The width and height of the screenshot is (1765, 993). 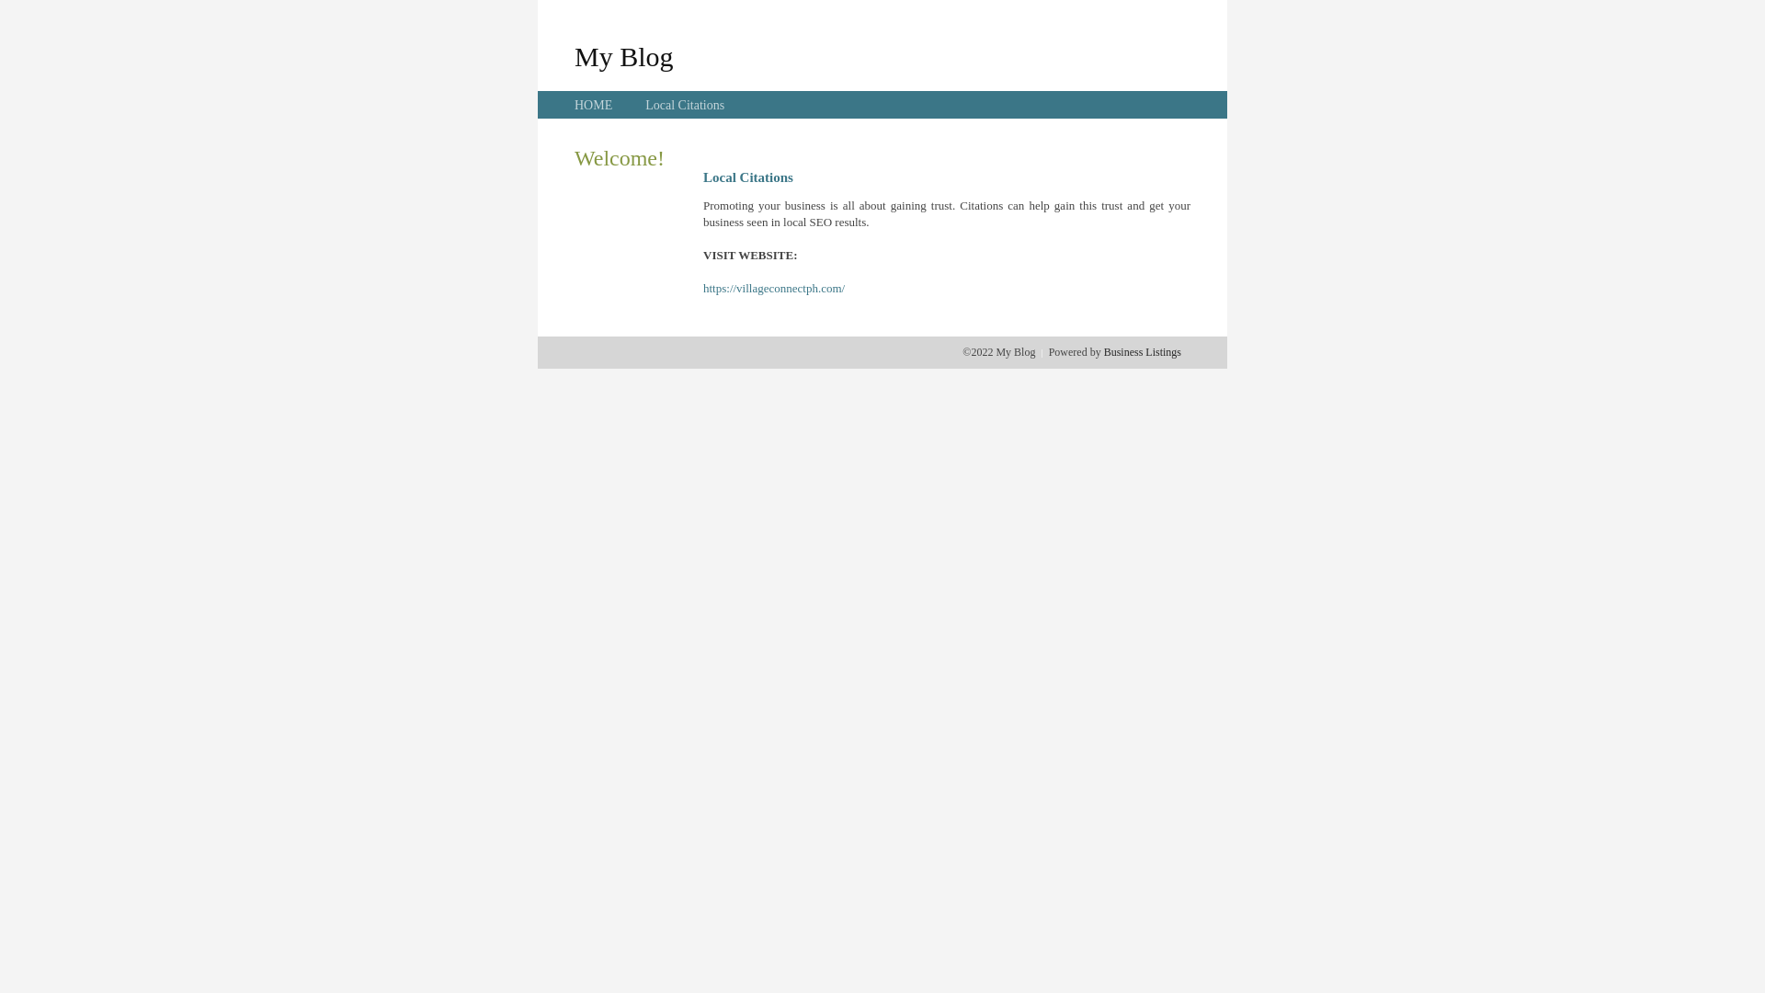 I want to click on 'Business Listings', so click(x=1142, y=351).